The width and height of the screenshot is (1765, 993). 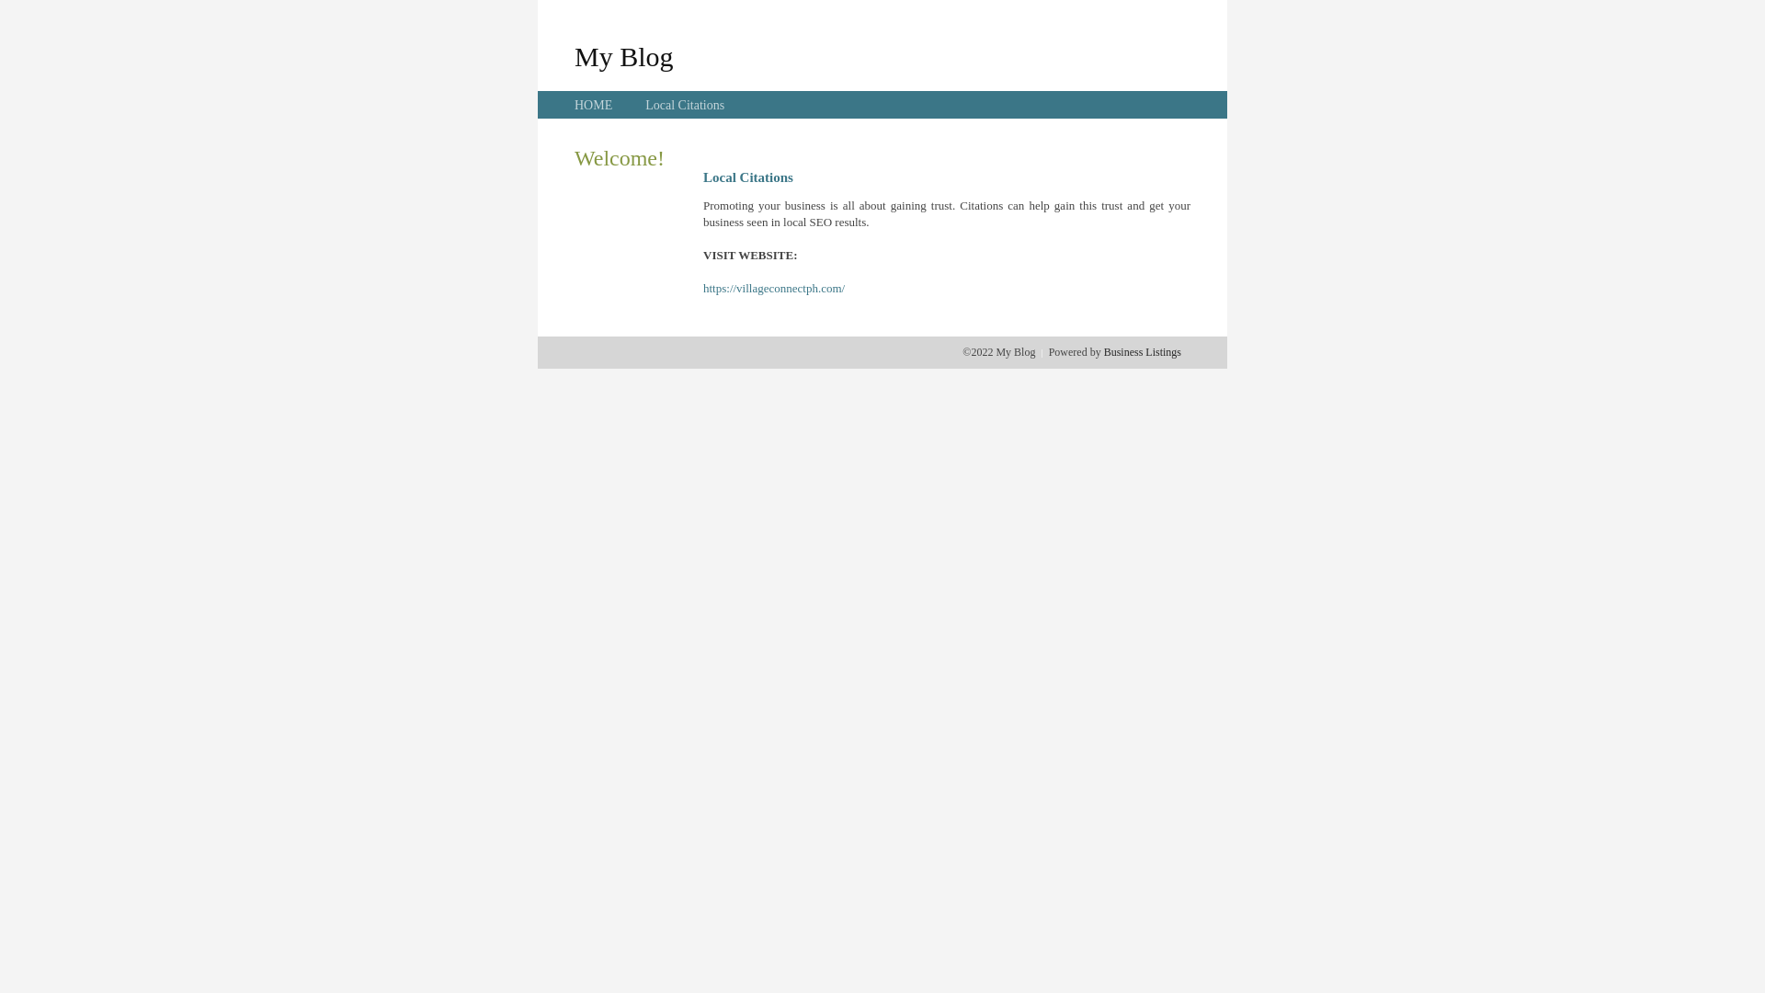 I want to click on 'Business Listings', so click(x=1142, y=351).